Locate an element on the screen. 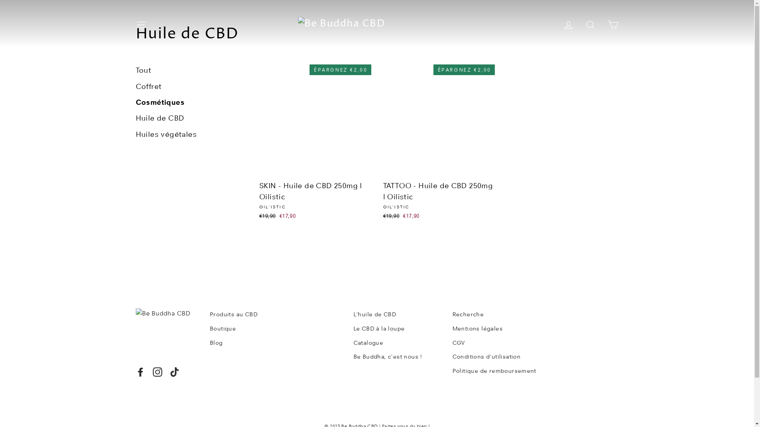  'Conditions d'utilisation' is located at coordinates (452, 357).